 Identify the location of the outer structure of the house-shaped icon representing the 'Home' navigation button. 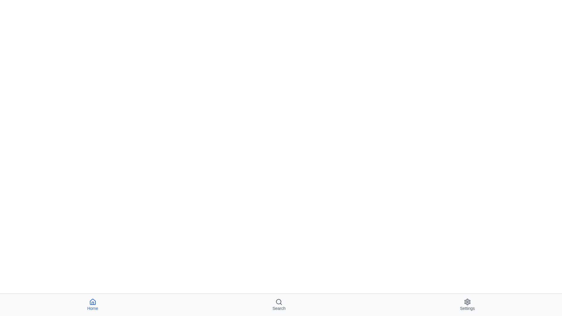
(92, 302).